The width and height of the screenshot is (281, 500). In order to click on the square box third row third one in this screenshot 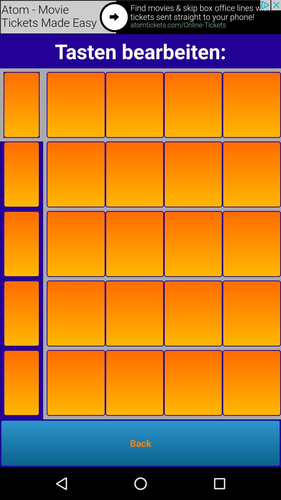, I will do `click(134, 243)`.